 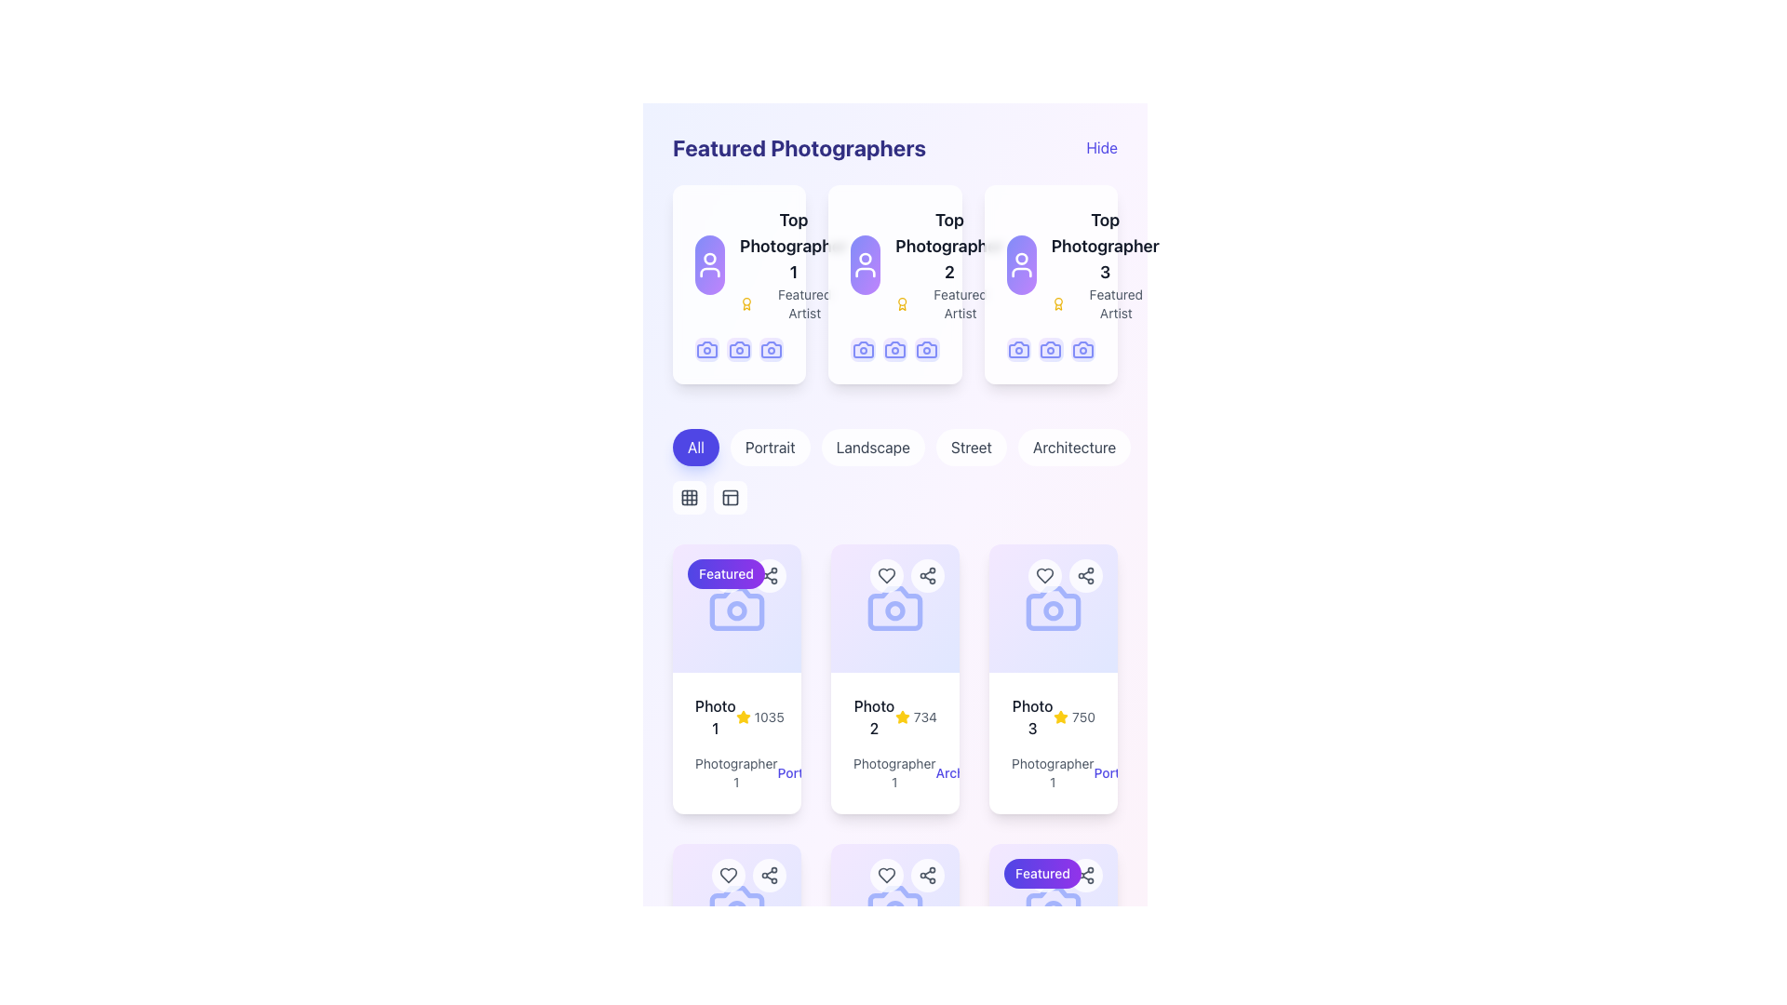 What do you see at coordinates (1017, 350) in the screenshot?
I see `the camera icon in the lower middle section of the 'Top Photographer 3' card, which represents a photography feature` at bounding box center [1017, 350].